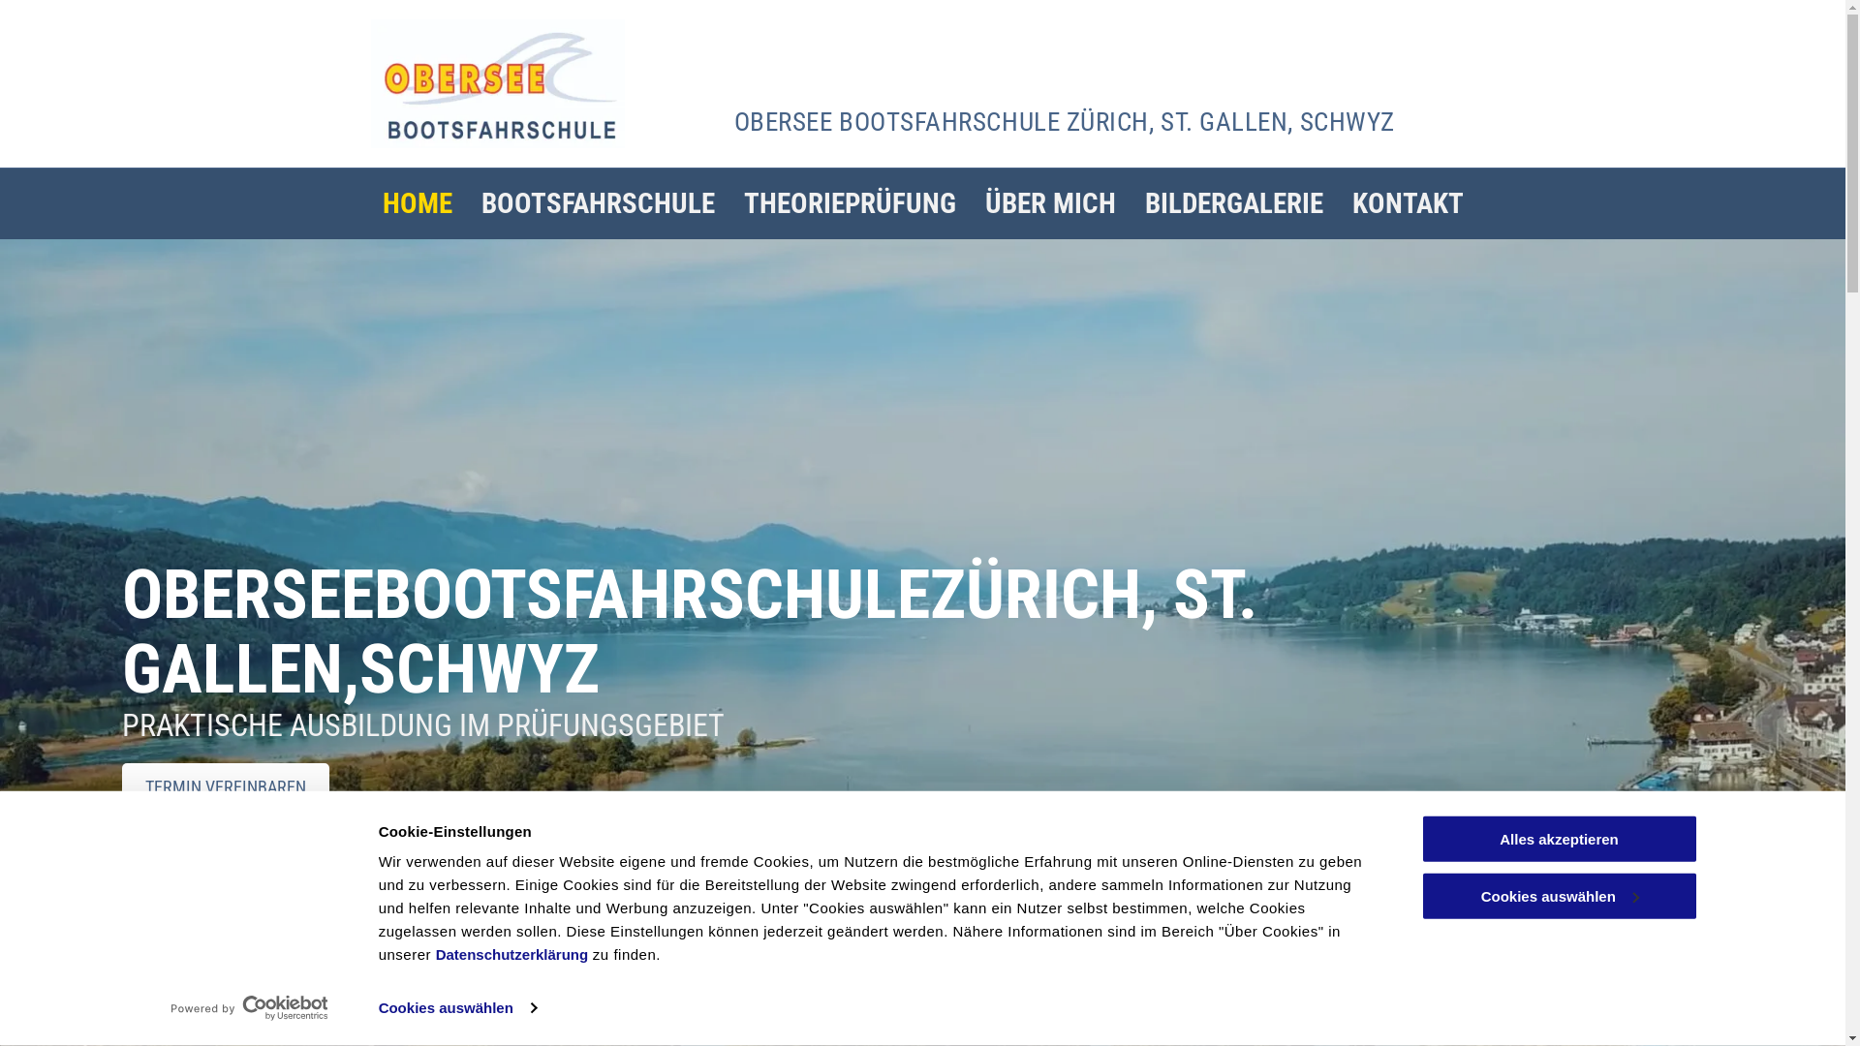  Describe the element at coordinates (1231, 203) in the screenshot. I see `'BILDERGALERIE'` at that location.